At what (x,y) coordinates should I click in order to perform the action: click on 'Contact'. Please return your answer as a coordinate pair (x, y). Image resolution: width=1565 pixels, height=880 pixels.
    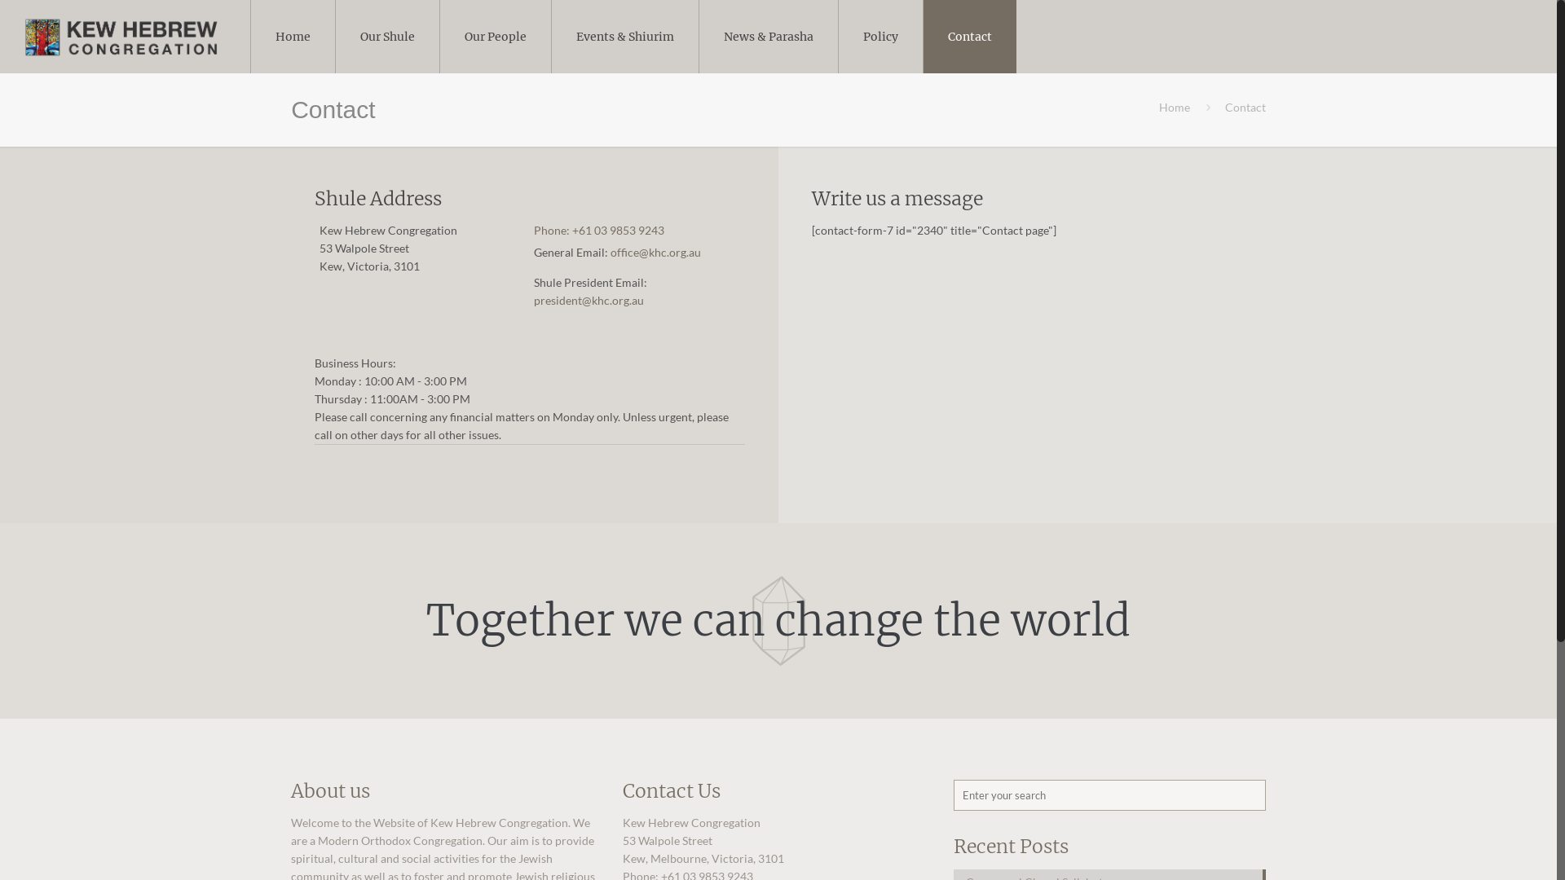
    Looking at the image, I should click on (970, 37).